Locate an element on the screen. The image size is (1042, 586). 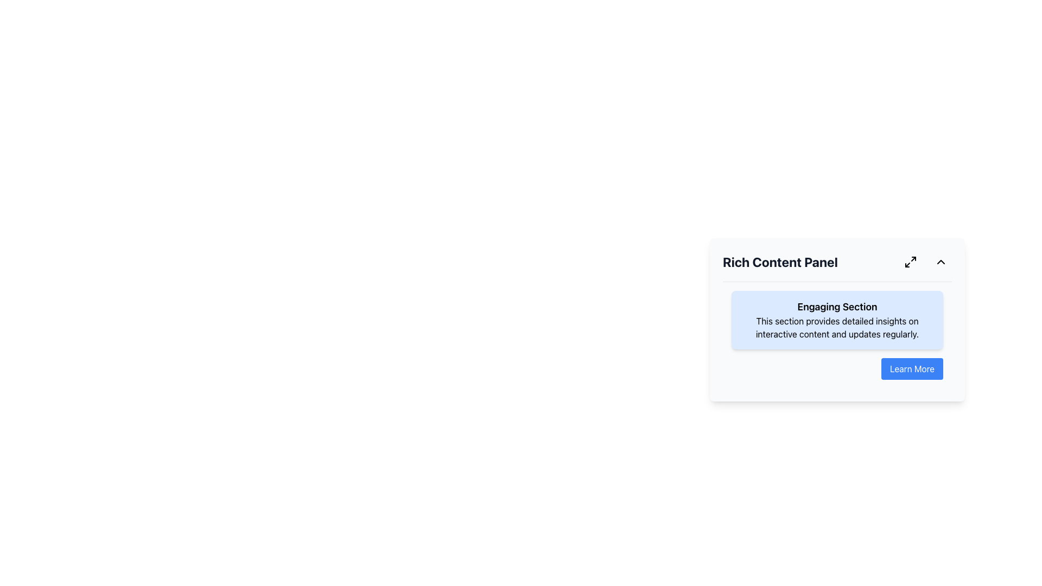
the diagonal arrow icon button located at the top right of the 'Rich Content Panel' is located at coordinates (911, 262).